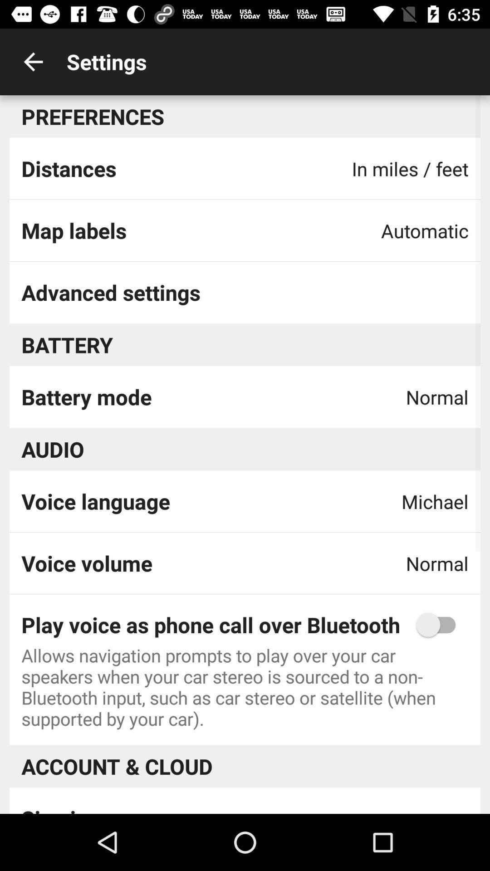 The image size is (490, 871). Describe the element at coordinates (33, 61) in the screenshot. I see `the item next to the settings item` at that location.